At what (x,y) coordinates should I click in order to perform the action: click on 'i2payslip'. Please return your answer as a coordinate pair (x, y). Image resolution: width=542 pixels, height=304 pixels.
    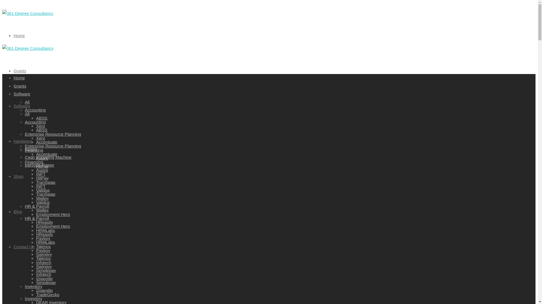
    Looking at the image, I should click on (44, 290).